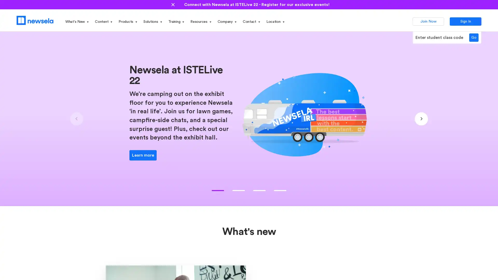 The image size is (498, 280). Describe the element at coordinates (218, 191) in the screenshot. I see `Go to slide 0` at that location.